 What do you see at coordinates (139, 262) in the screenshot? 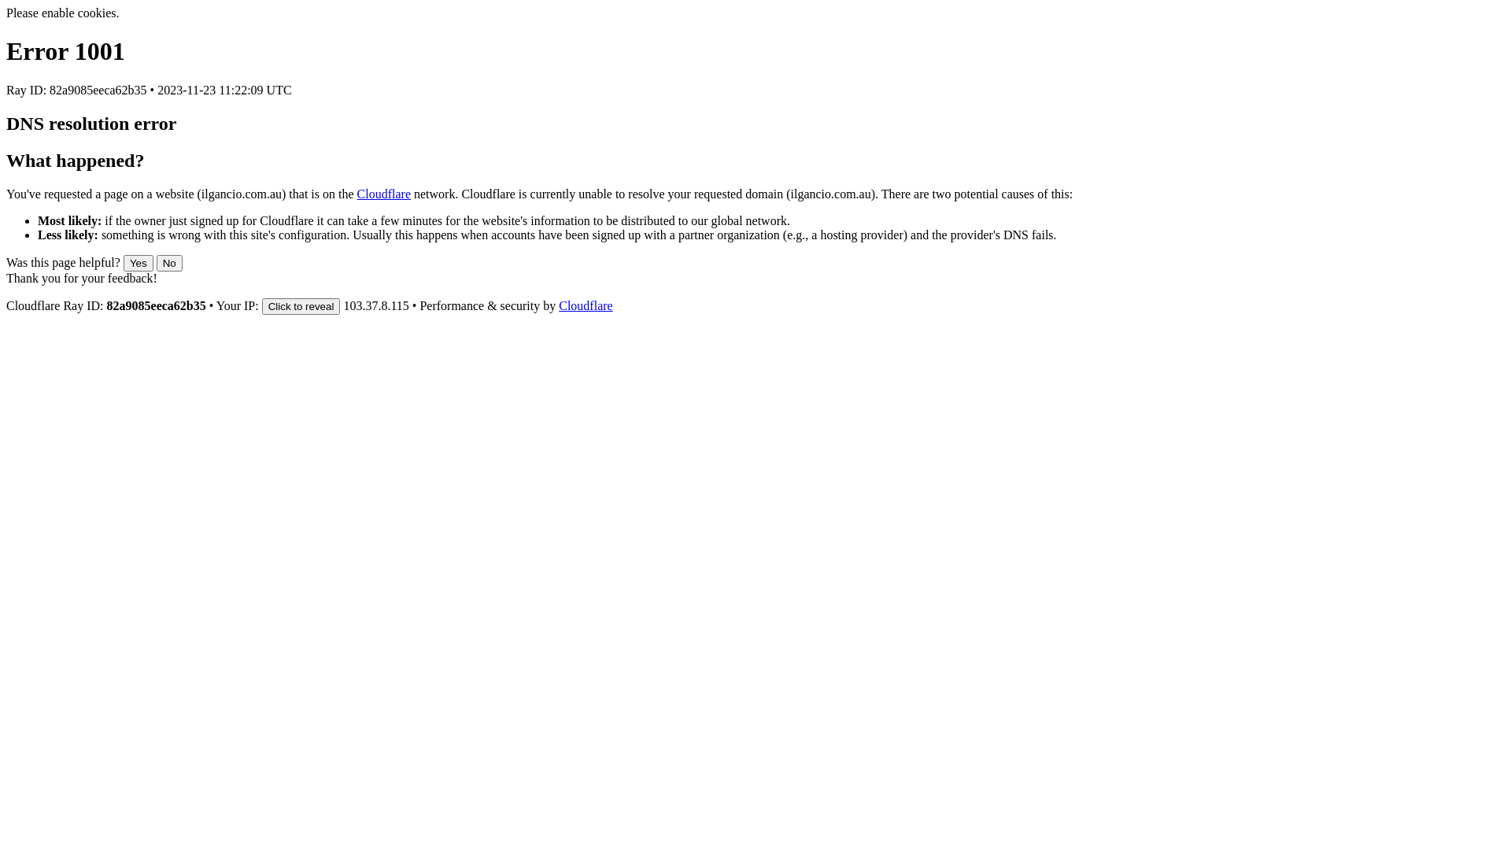
I see `'Yes'` at bounding box center [139, 262].